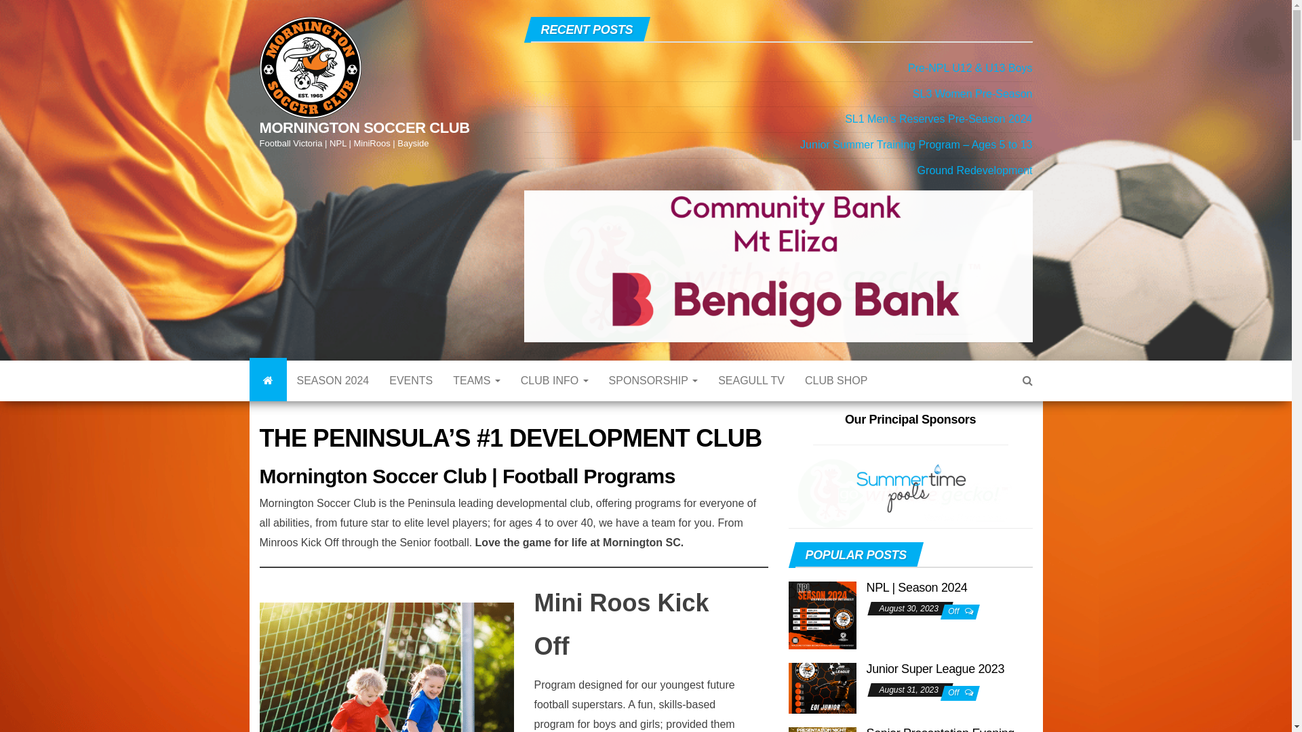 The image size is (1302, 732). Describe the element at coordinates (364, 127) in the screenshot. I see `'MORNINGTON SOCCER CLUB'` at that location.